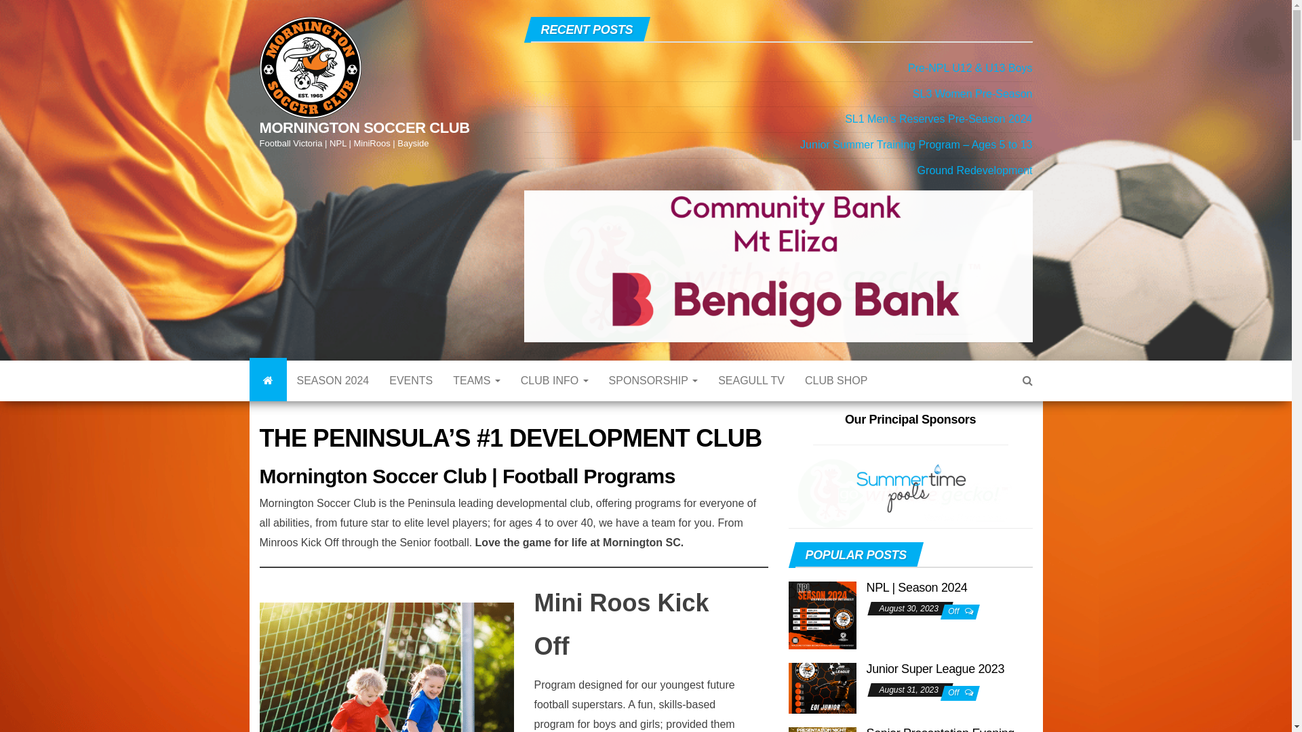 The image size is (1302, 732). Describe the element at coordinates (364, 127) in the screenshot. I see `'MORNINGTON SOCCER CLUB'` at that location.